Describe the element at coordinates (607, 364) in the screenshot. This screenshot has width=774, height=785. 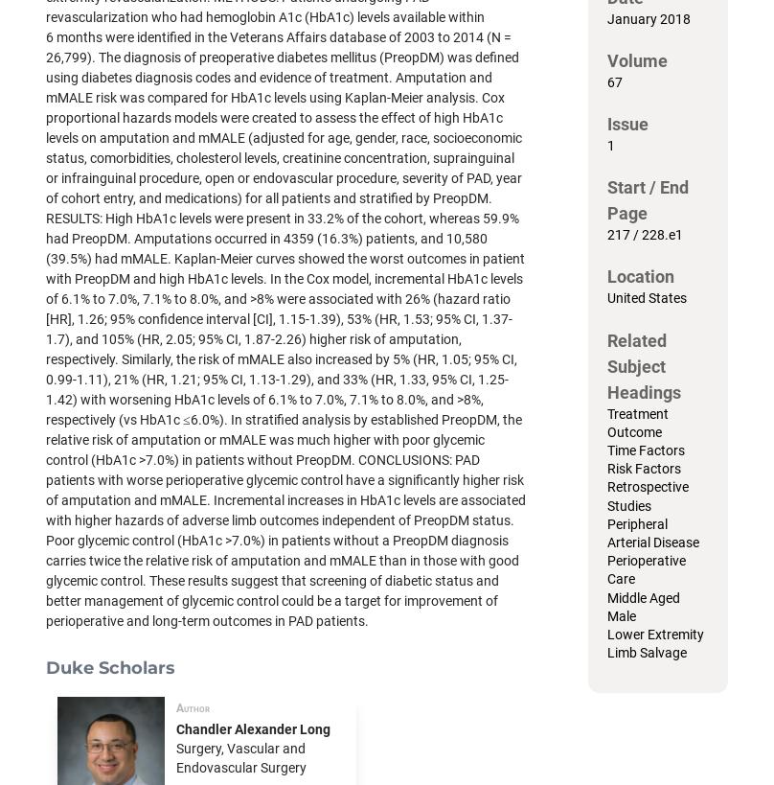
I see `'Related Subject Headings'` at that location.